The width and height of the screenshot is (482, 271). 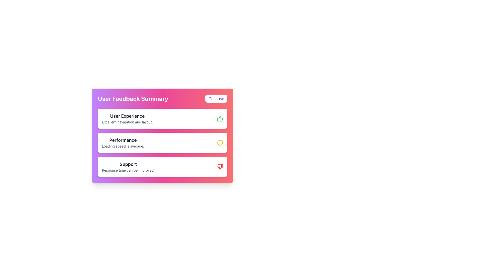 I want to click on the static text label reading 'Performance', which is styled with a bold, gray font and serves as a heading above the text 'Loading speed is average.', so click(x=123, y=140).